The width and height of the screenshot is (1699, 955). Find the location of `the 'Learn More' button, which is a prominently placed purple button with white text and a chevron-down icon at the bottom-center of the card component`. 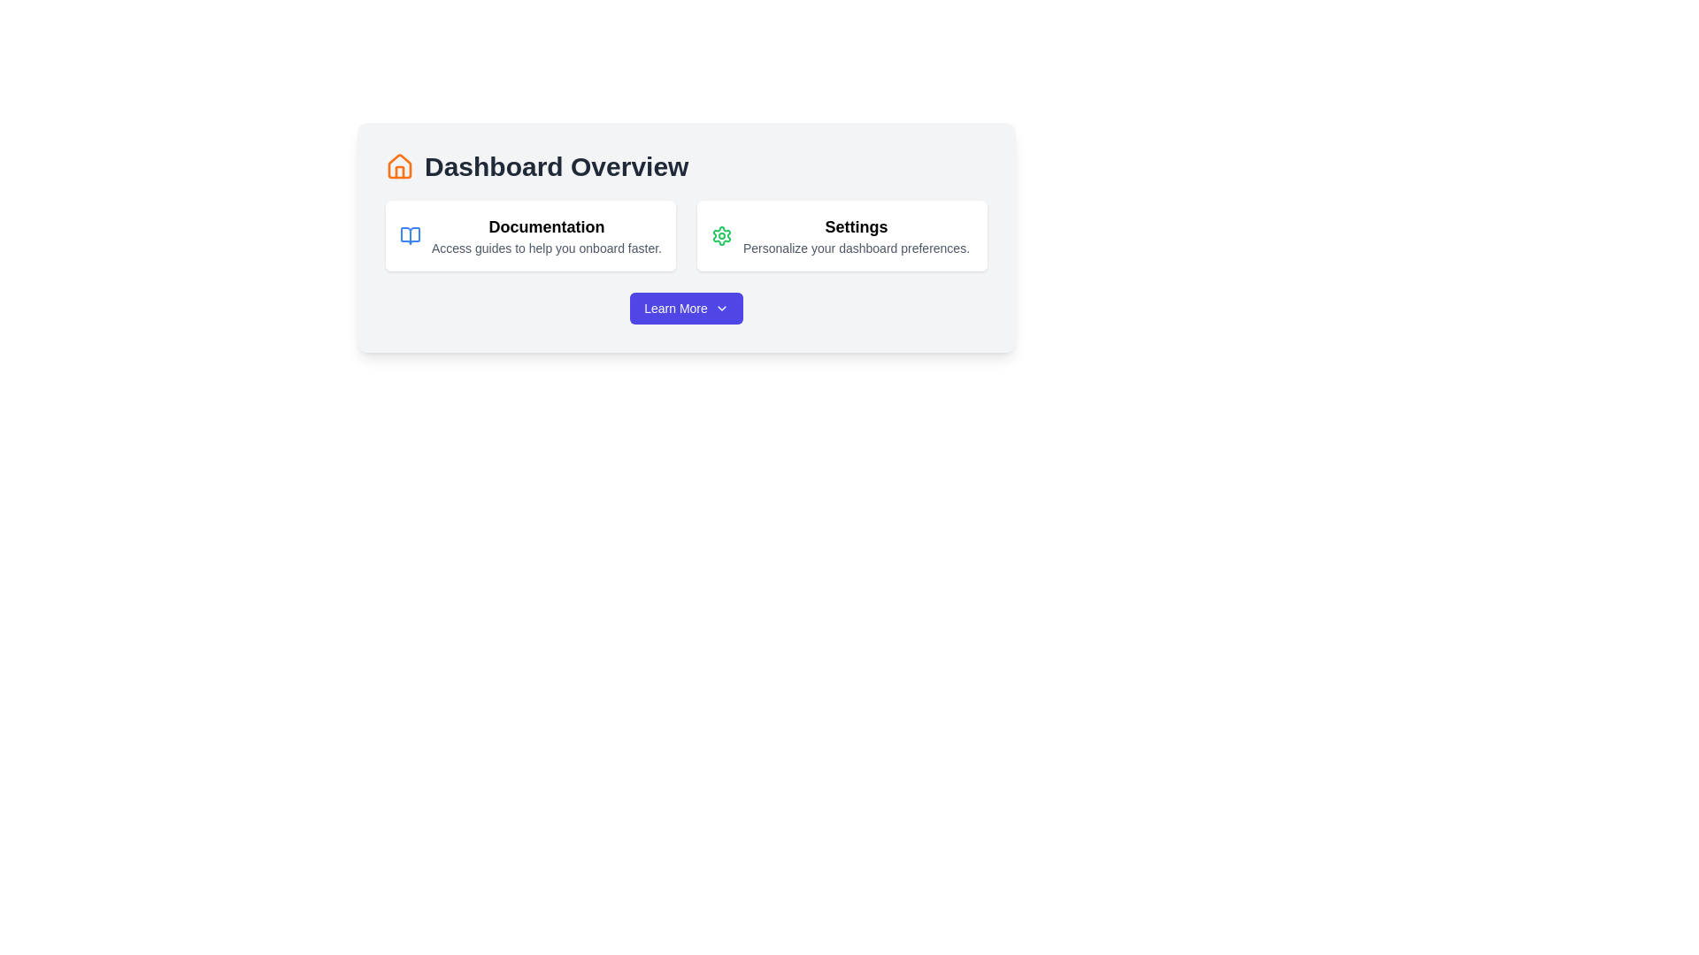

the 'Learn More' button, which is a prominently placed purple button with white text and a chevron-down icon at the bottom-center of the card component is located at coordinates (686, 307).